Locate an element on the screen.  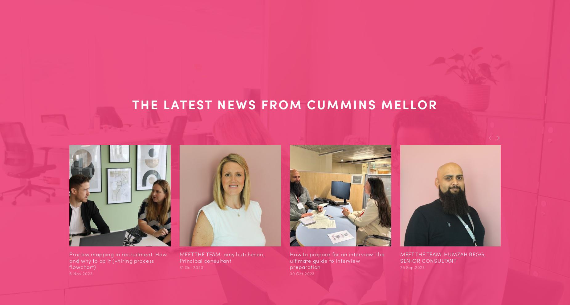
'30 Oct 2023' is located at coordinates (302, 273).